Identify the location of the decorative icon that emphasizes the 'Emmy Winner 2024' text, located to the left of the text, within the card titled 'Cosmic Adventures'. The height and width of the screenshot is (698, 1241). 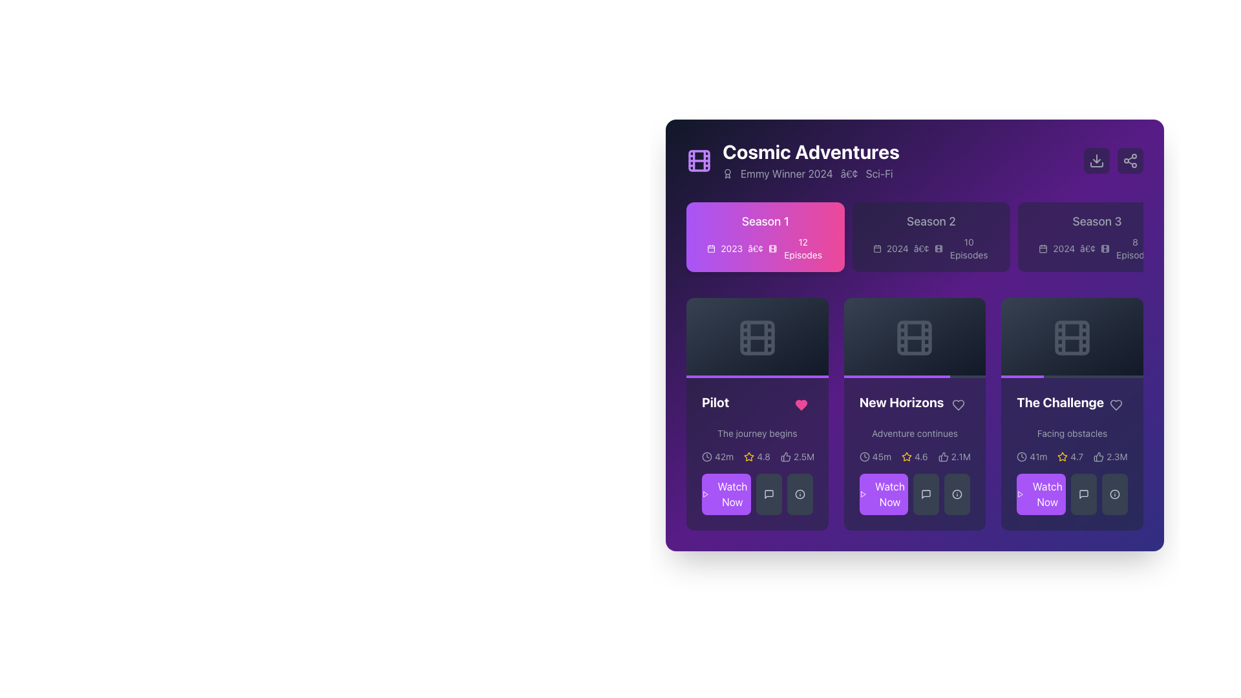
(728, 173).